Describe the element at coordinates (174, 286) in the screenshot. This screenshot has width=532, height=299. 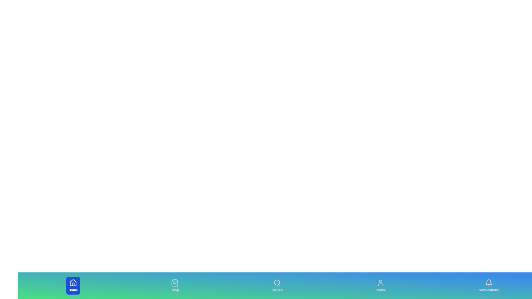
I see `the Shop tab to view its hover effects` at that location.